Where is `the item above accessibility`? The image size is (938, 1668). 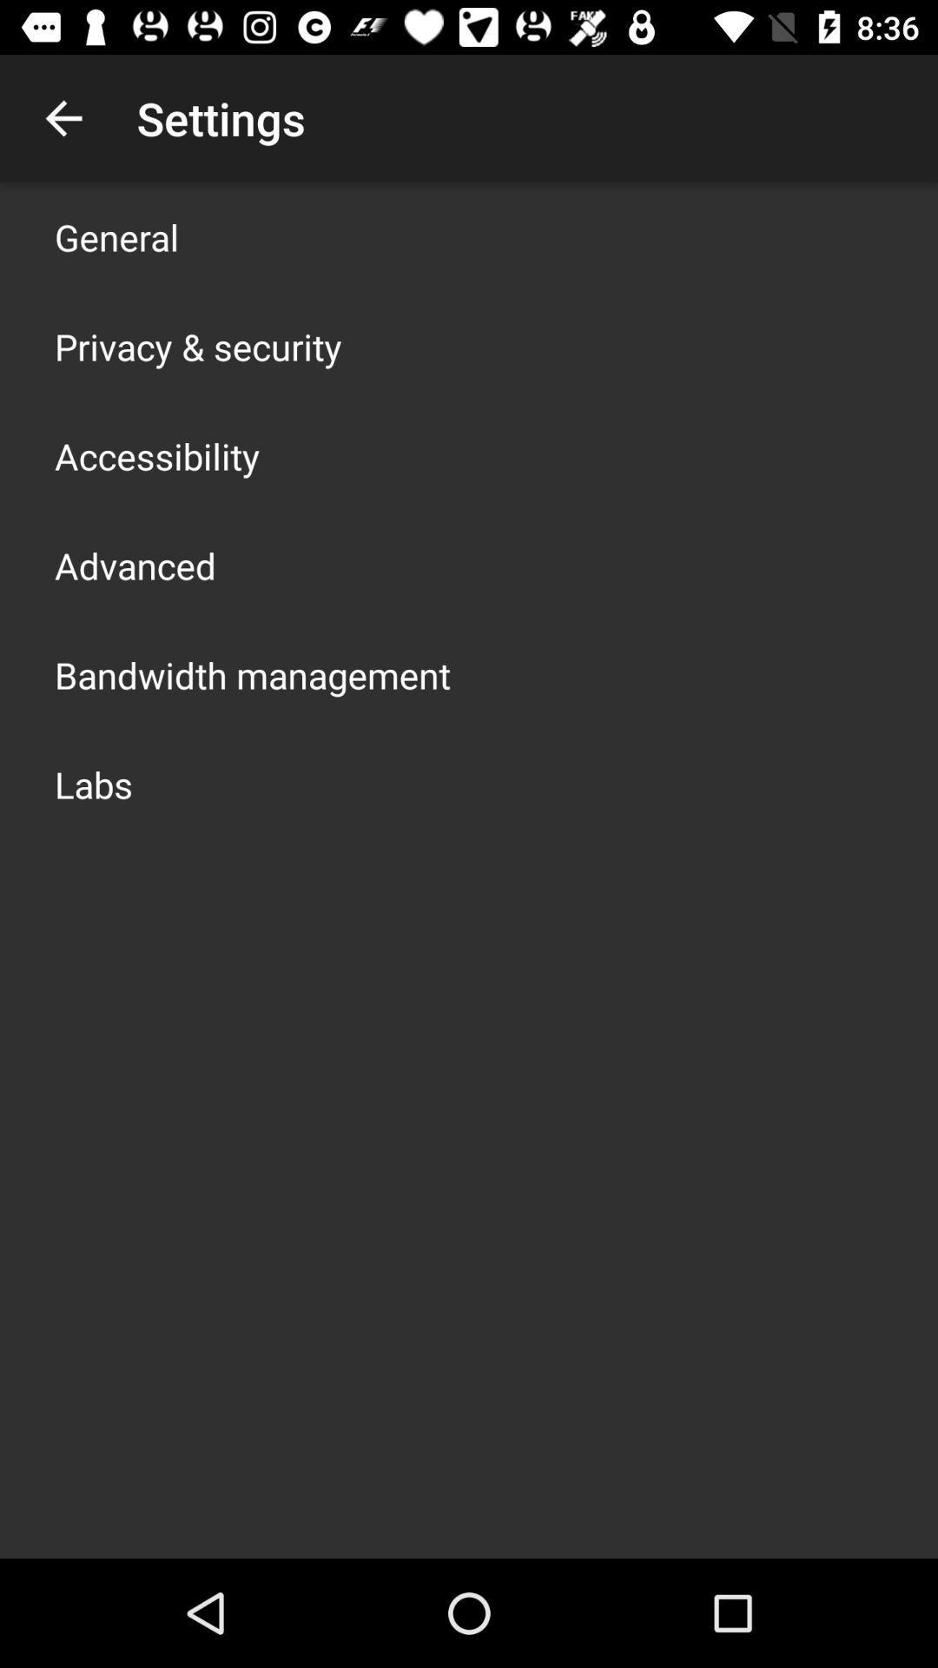 the item above accessibility is located at coordinates (197, 346).